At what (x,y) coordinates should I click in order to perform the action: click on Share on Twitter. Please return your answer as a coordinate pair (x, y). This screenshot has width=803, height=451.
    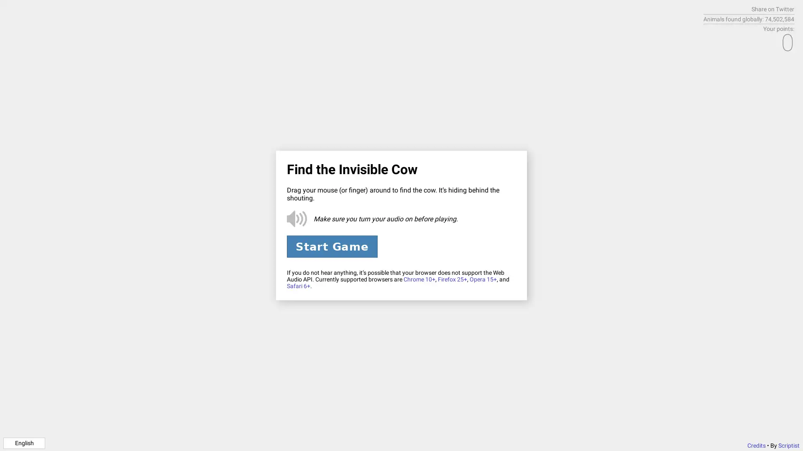
    Looking at the image, I should click on (772, 9).